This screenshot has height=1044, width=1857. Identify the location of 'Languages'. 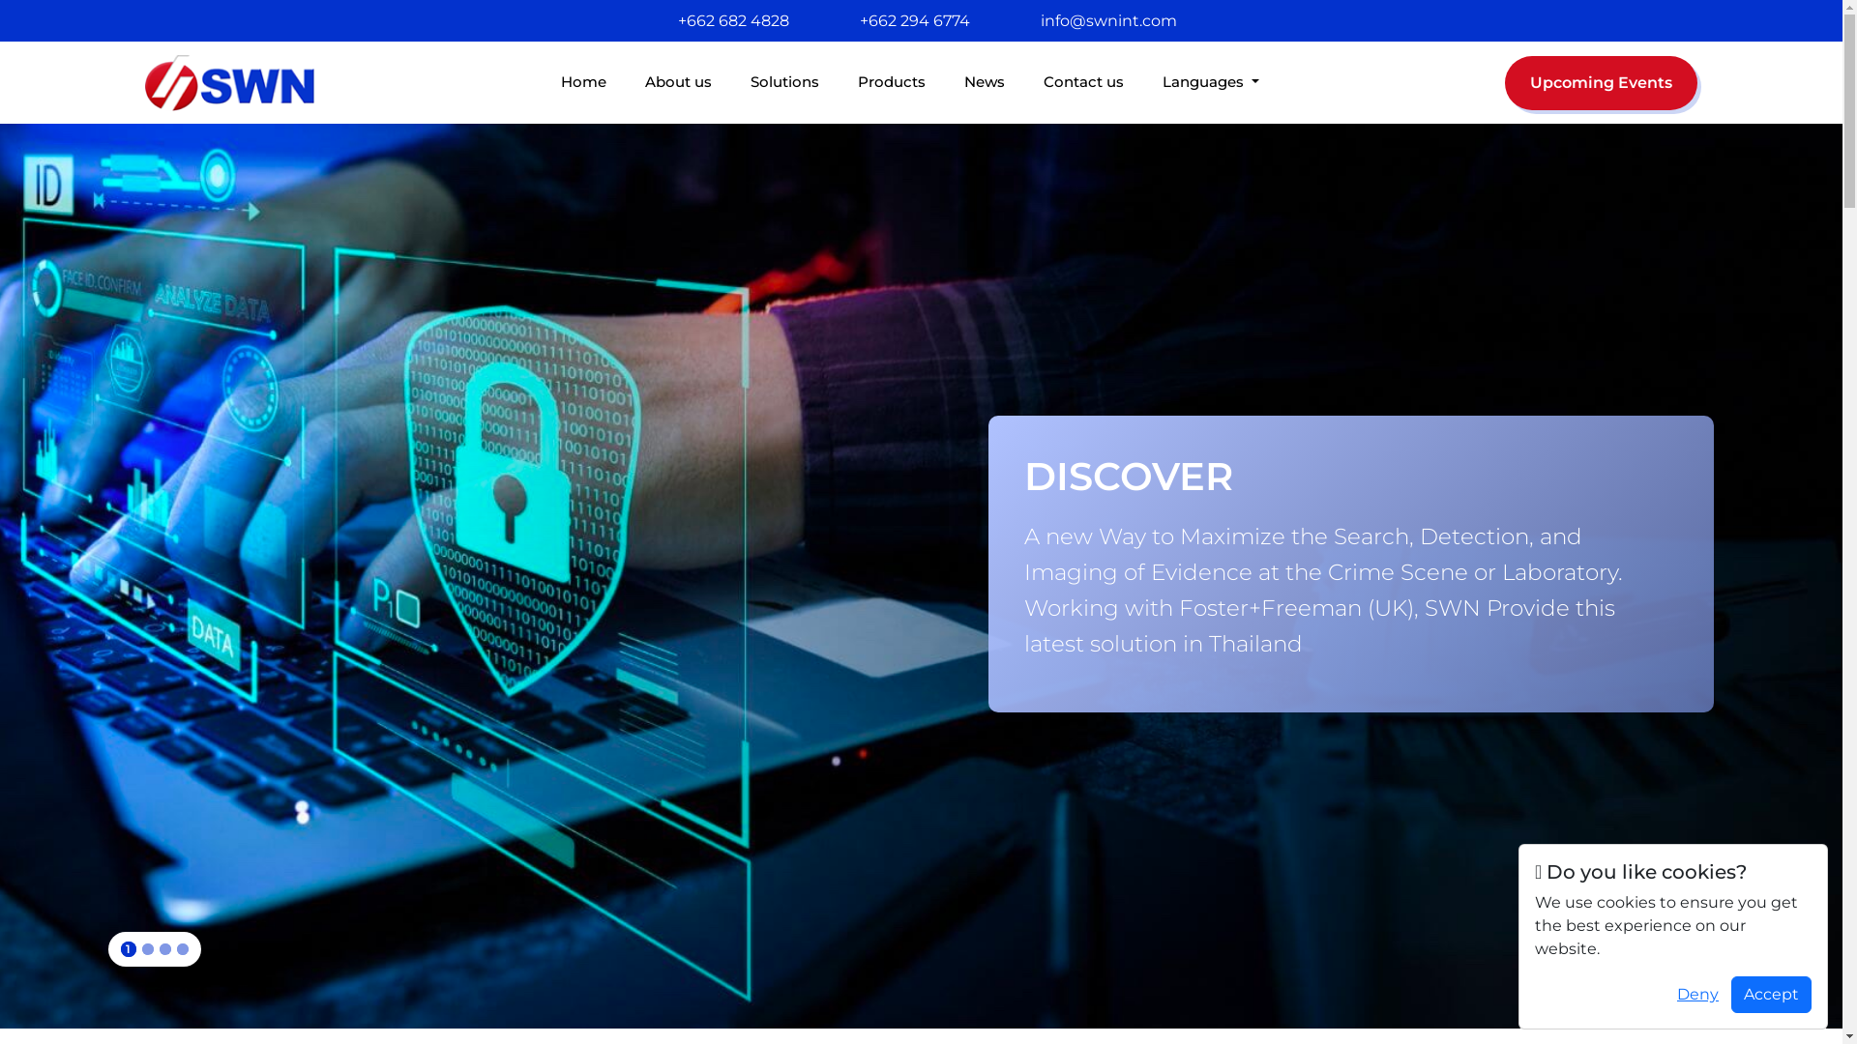
(1210, 81).